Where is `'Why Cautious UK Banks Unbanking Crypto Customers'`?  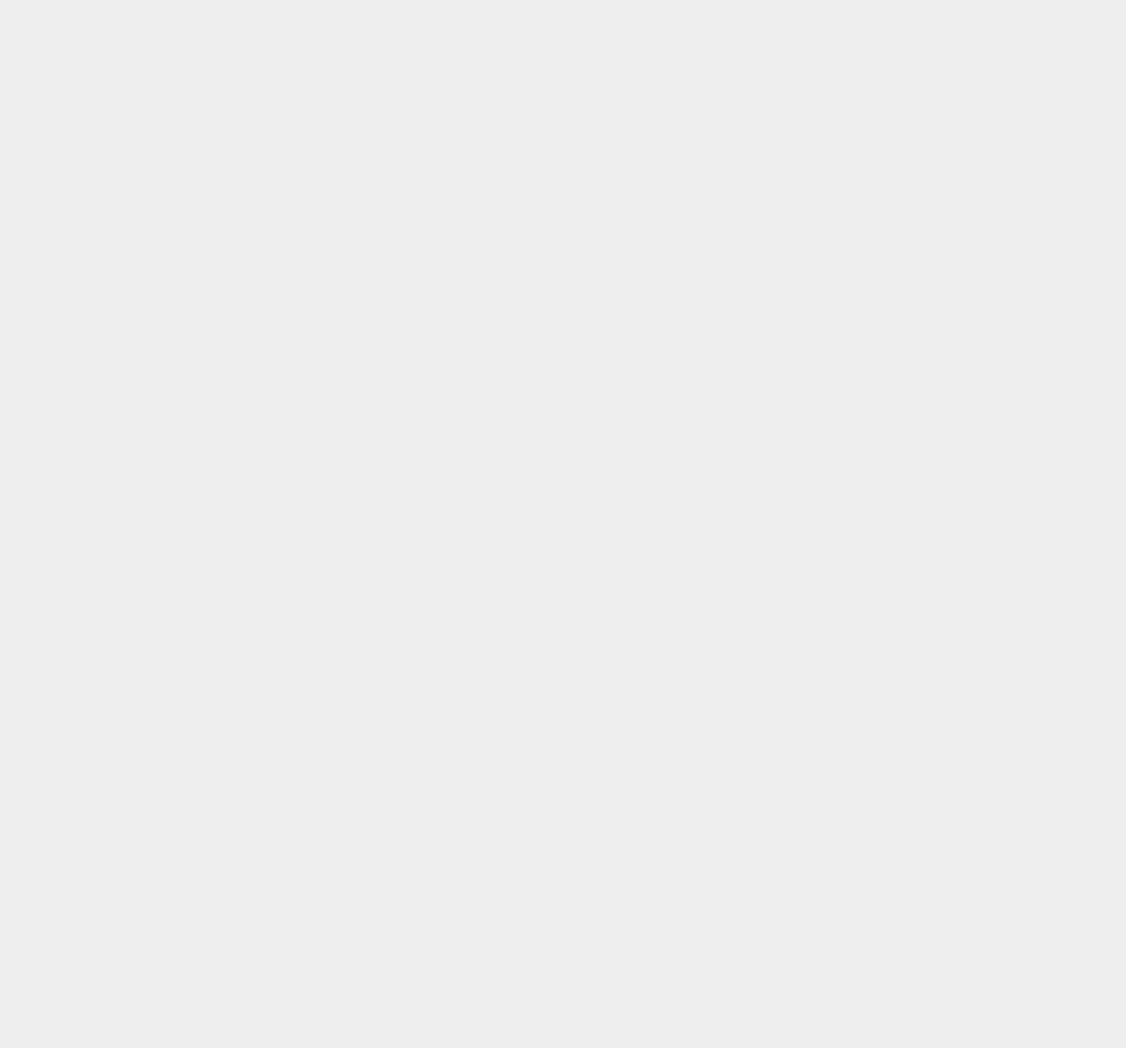 'Why Cautious UK Banks Unbanking Crypto Customers' is located at coordinates (948, 145).